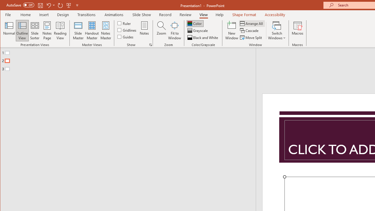  Describe the element at coordinates (195, 23) in the screenshot. I see `'Color'` at that location.